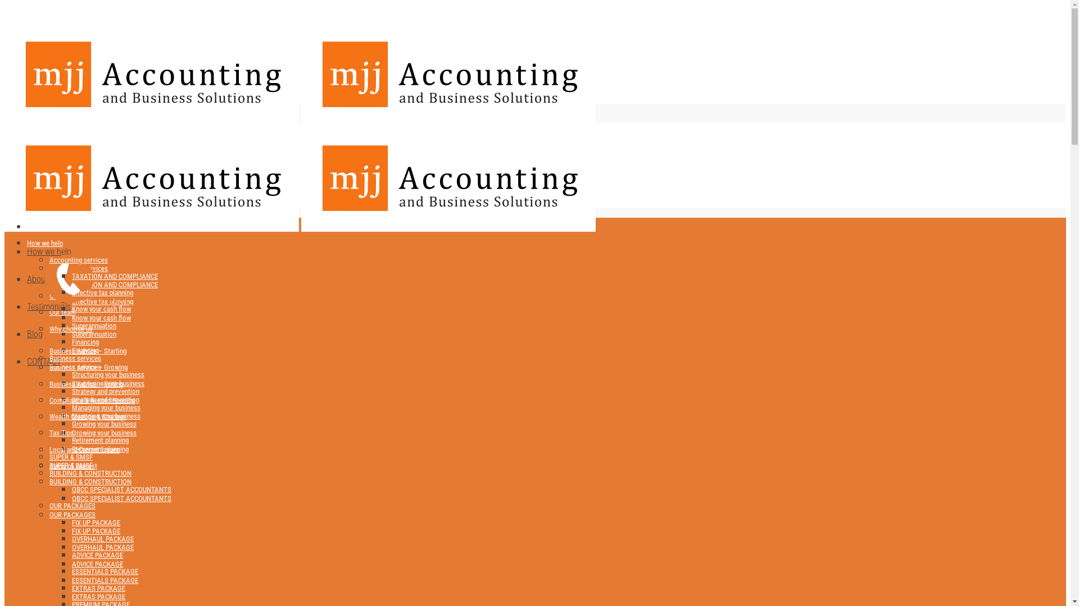 This screenshot has width=1079, height=606. Describe the element at coordinates (100, 439) in the screenshot. I see `'Retirement planning'` at that location.